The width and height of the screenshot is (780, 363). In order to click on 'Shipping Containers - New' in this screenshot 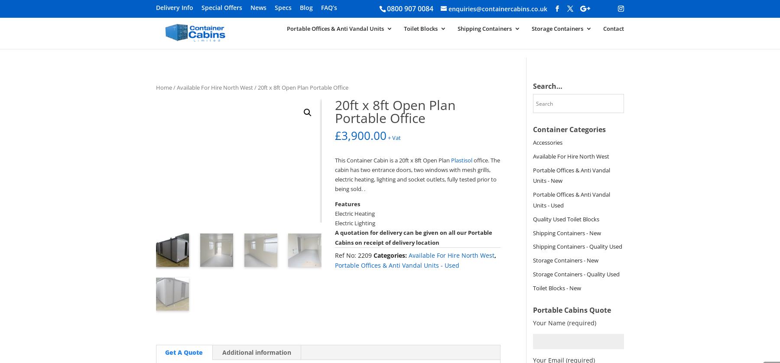, I will do `click(532, 233)`.